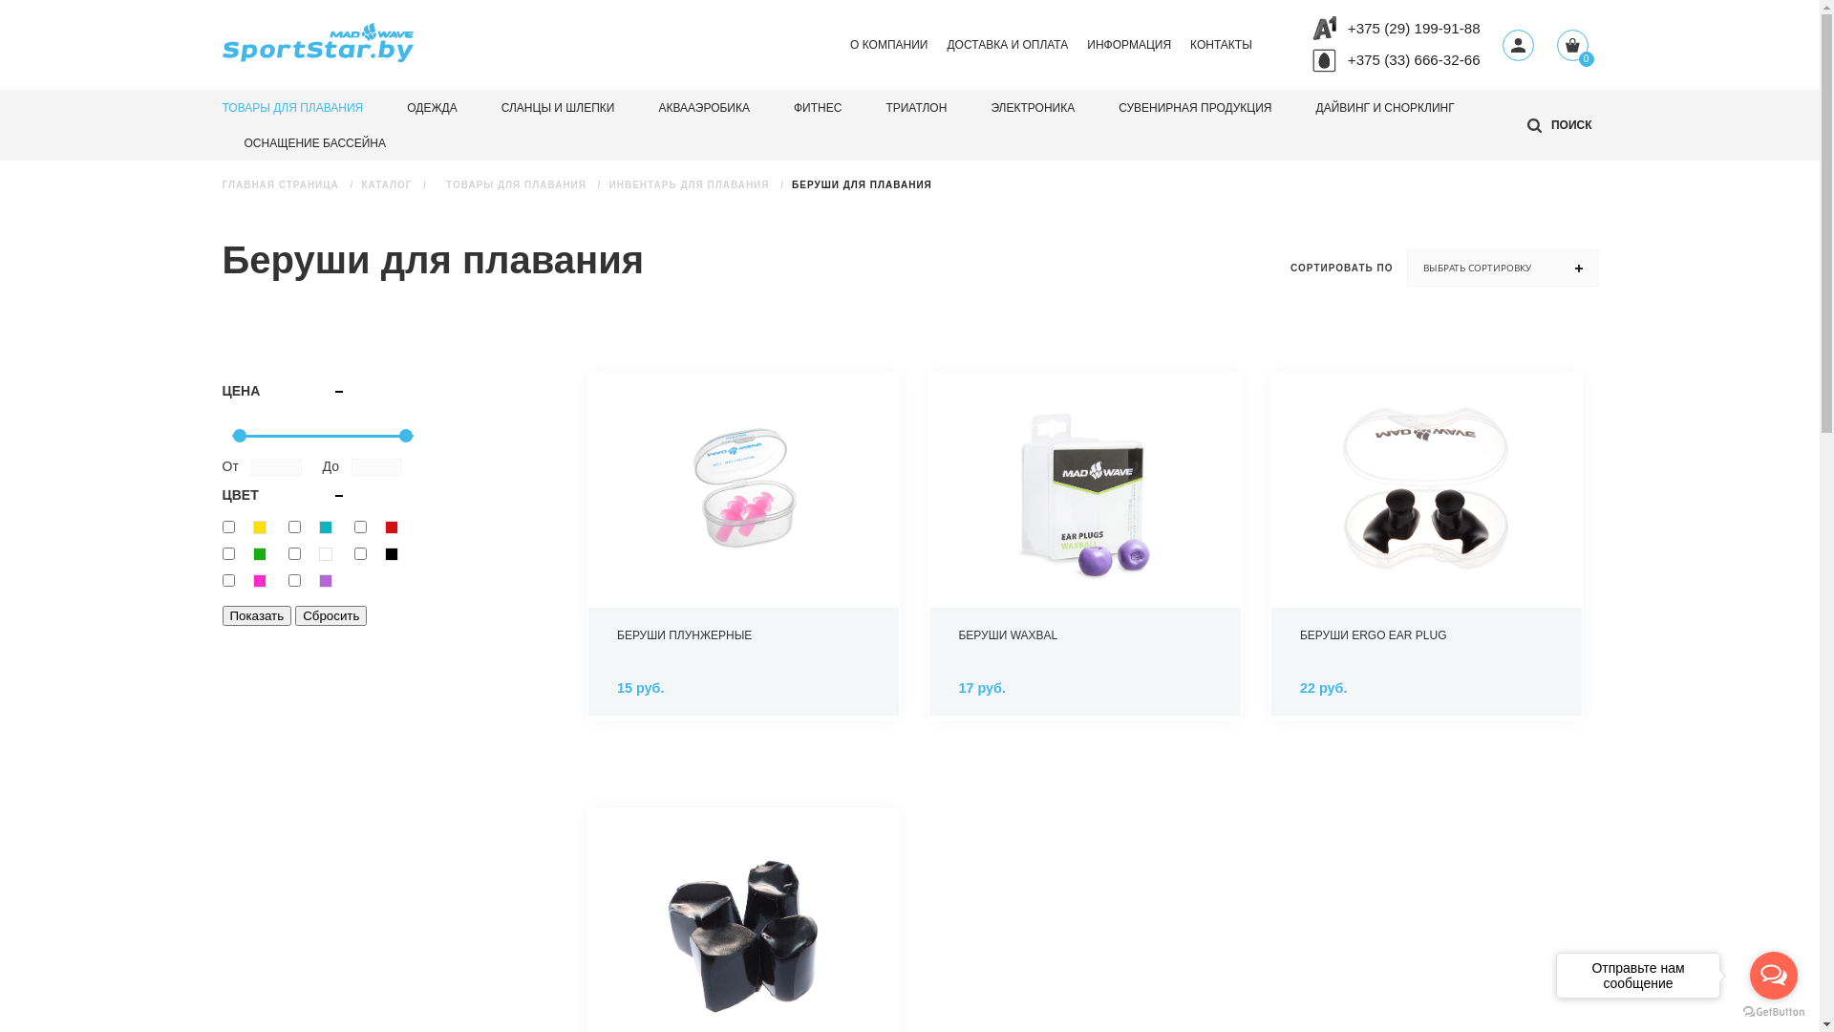 The image size is (1834, 1032). I want to click on '+375 (33) 666-32-66', so click(1414, 58).